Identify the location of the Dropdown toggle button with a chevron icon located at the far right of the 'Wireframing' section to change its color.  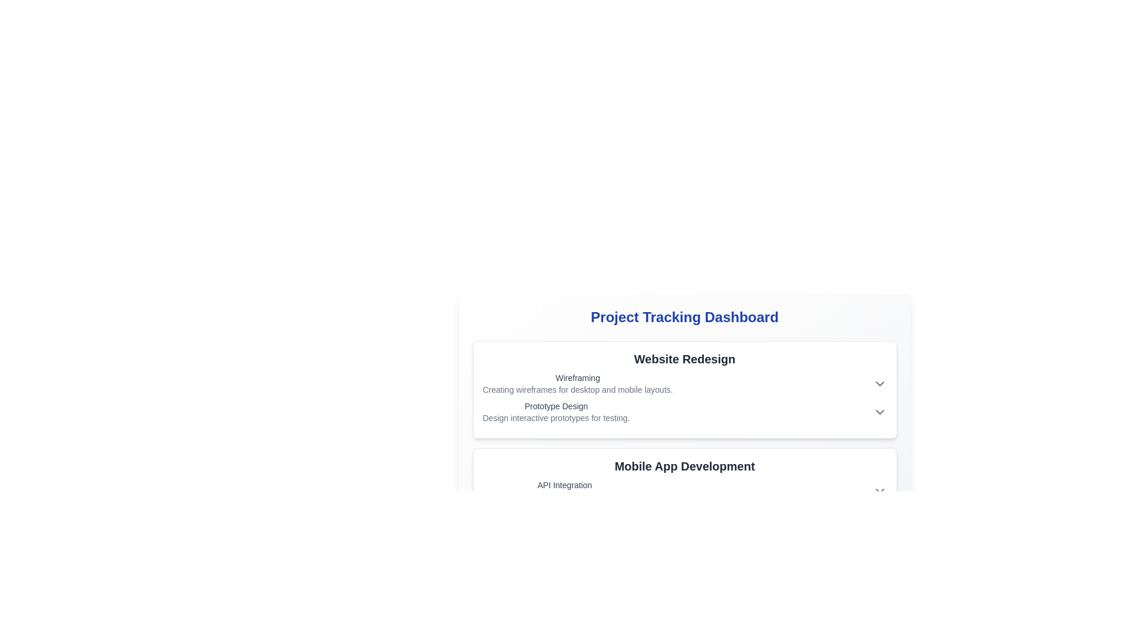
(879, 383).